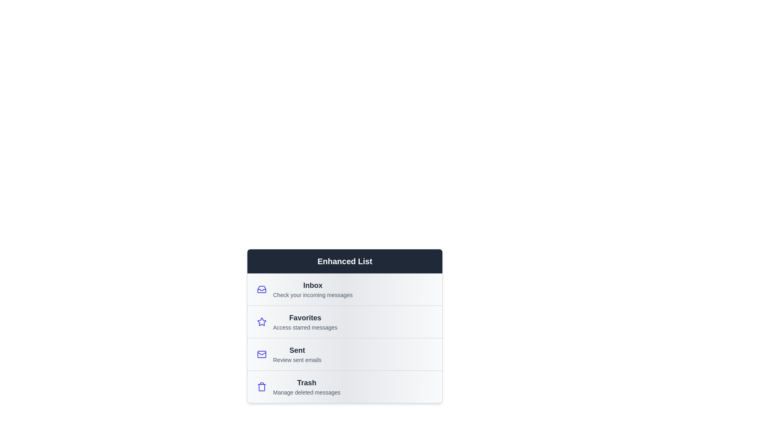 The width and height of the screenshot is (770, 433). Describe the element at coordinates (306, 392) in the screenshot. I see `the text label providing additional information about managing deleted messages under the 'Trash' section, located at the bottom of the list items in the 'Enhanced List' section` at that location.